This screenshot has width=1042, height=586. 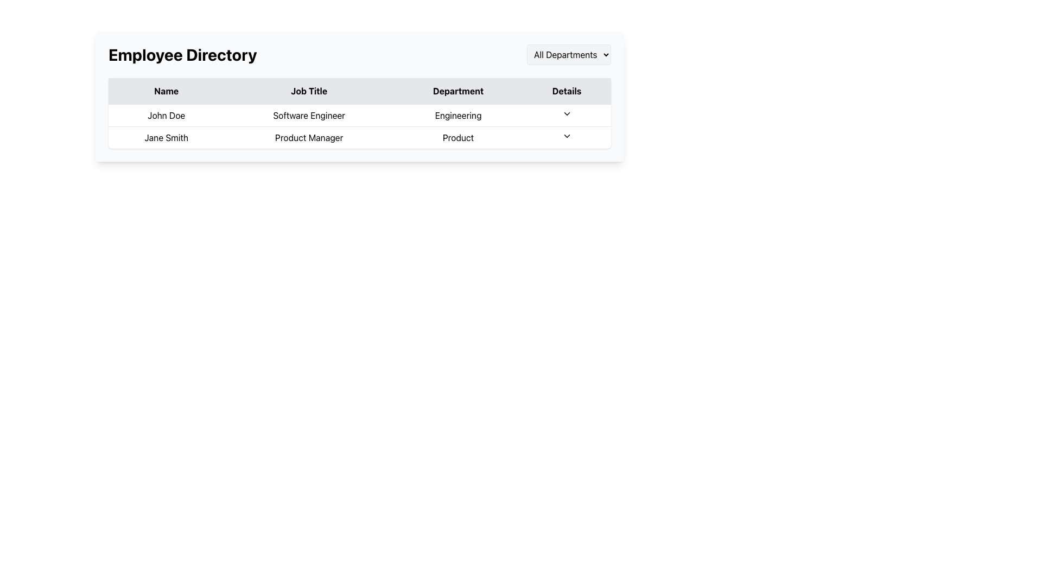 I want to click on the dropdown menu labeled 'All Departments', so click(x=568, y=54).